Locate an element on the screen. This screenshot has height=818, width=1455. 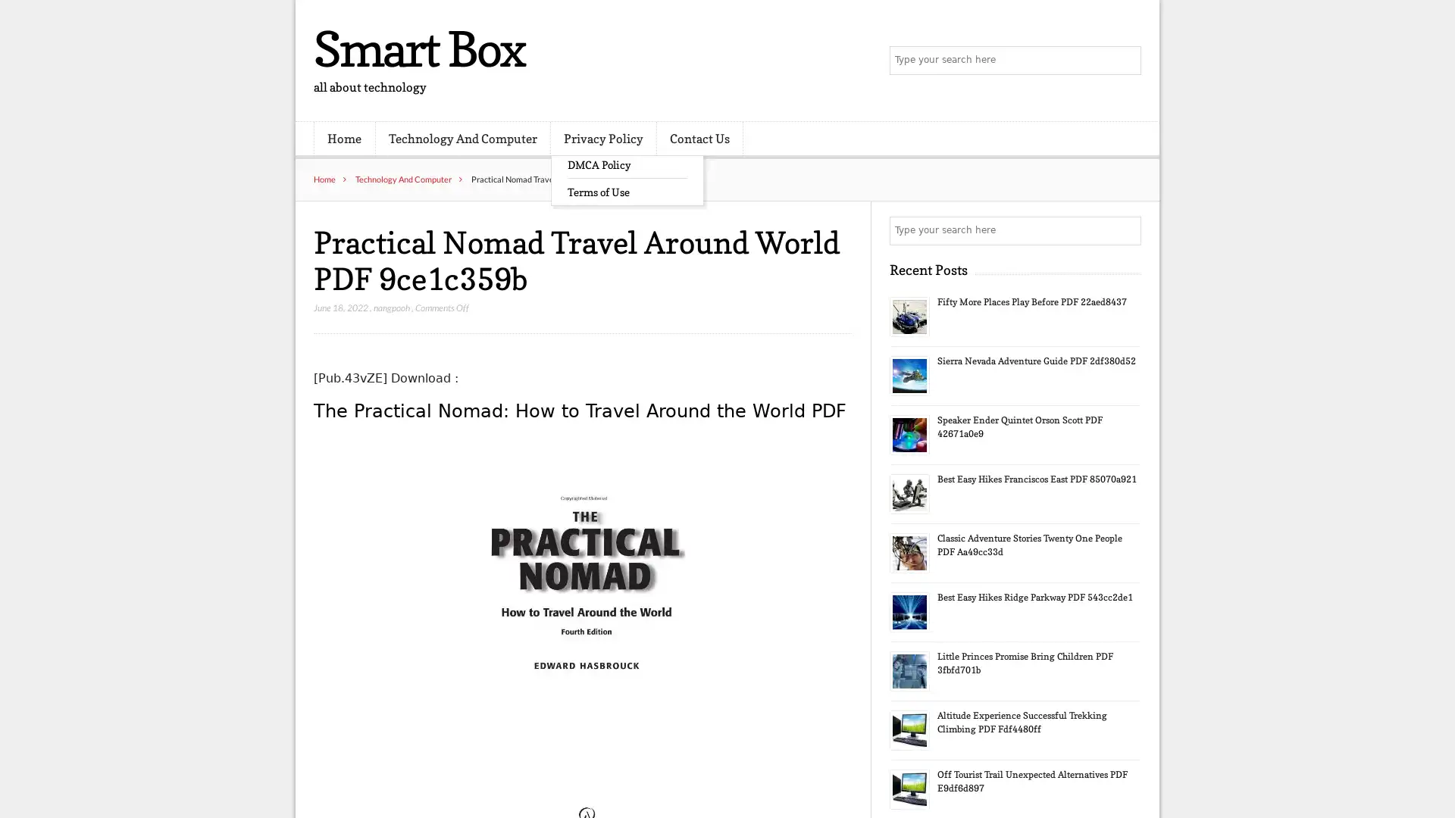
Search is located at coordinates (1125, 230).